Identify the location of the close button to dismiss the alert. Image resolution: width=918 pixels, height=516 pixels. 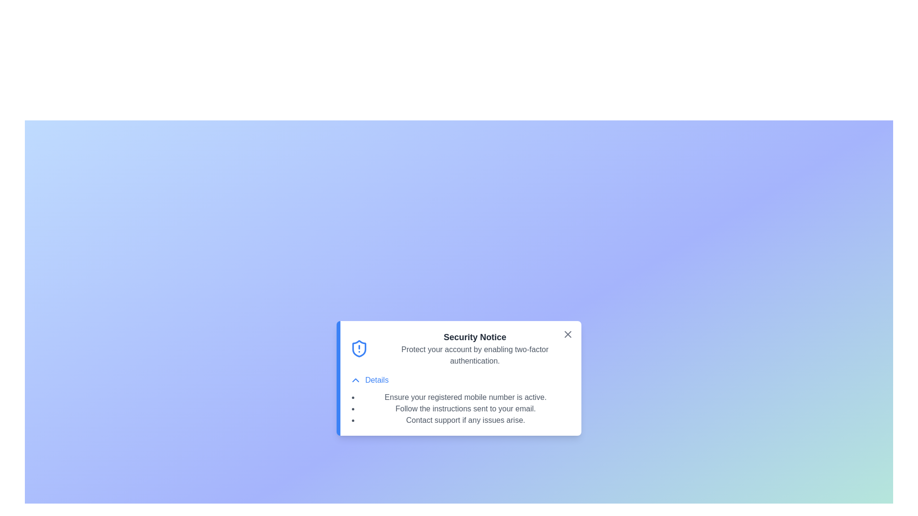
(568, 333).